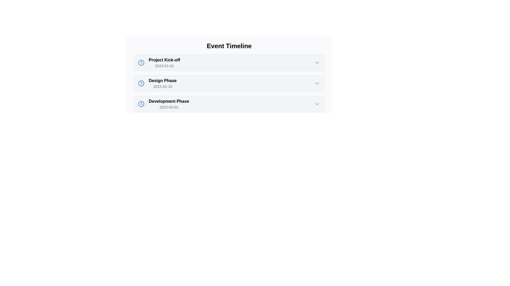 The width and height of the screenshot is (510, 286). I want to click on the bold text label 'Design Phase' in the timeline interface, so click(162, 81).